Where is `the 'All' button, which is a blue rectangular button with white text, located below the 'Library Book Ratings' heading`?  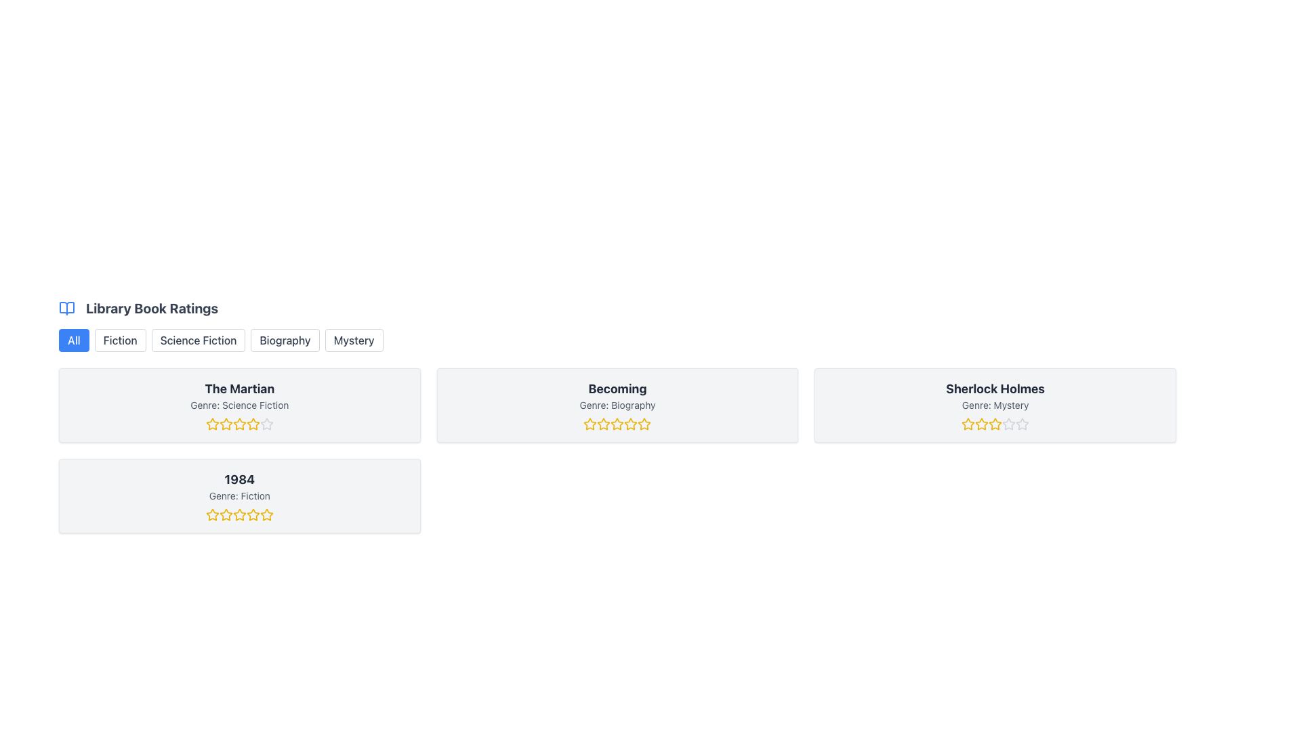 the 'All' button, which is a blue rectangular button with white text, located below the 'Library Book Ratings' heading is located at coordinates (73, 339).